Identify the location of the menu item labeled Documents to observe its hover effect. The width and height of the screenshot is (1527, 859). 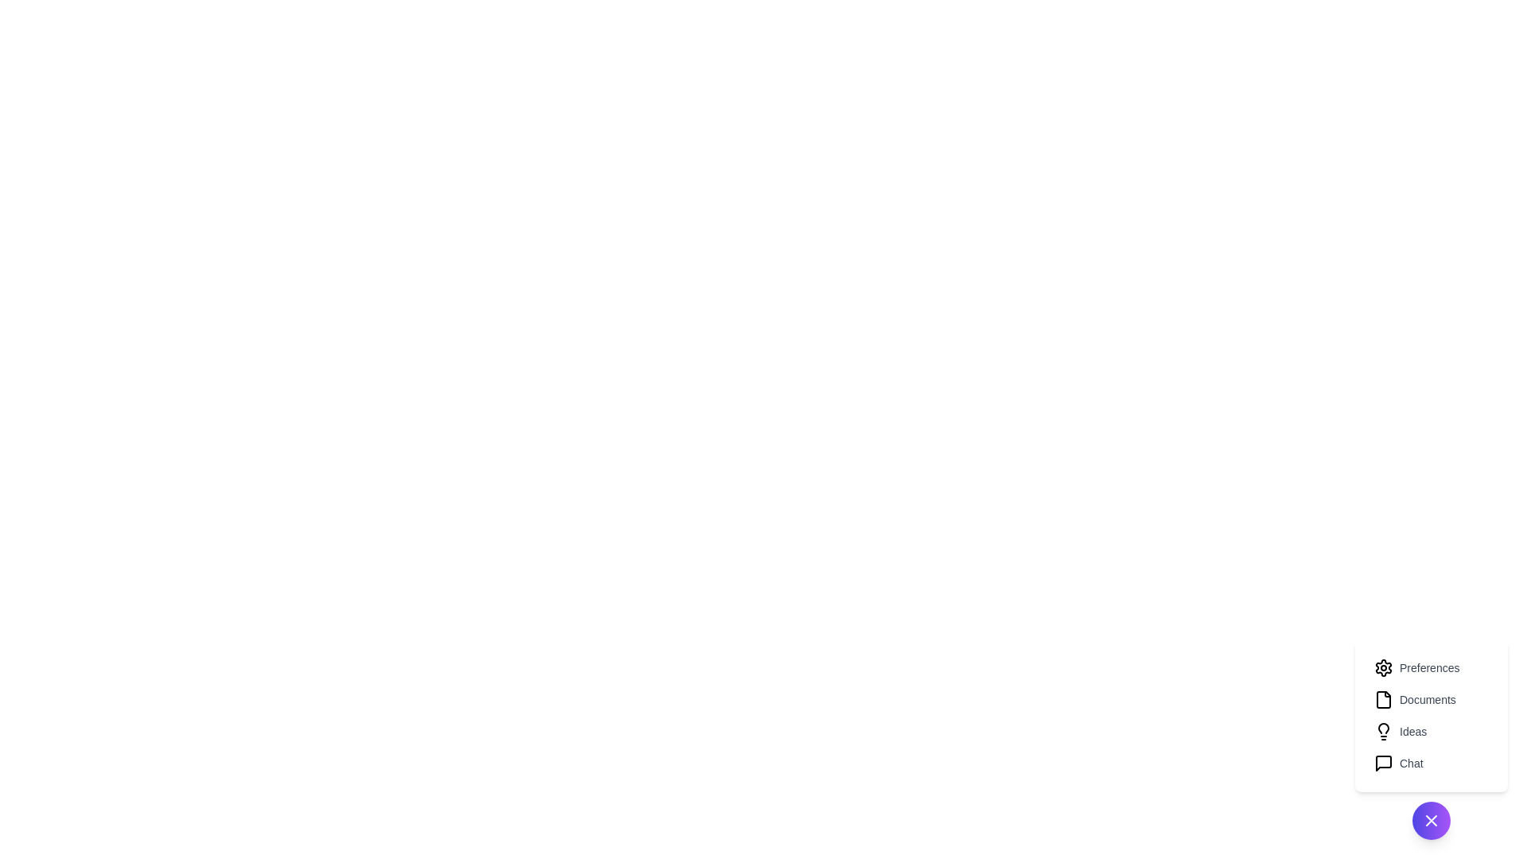
(1432, 698).